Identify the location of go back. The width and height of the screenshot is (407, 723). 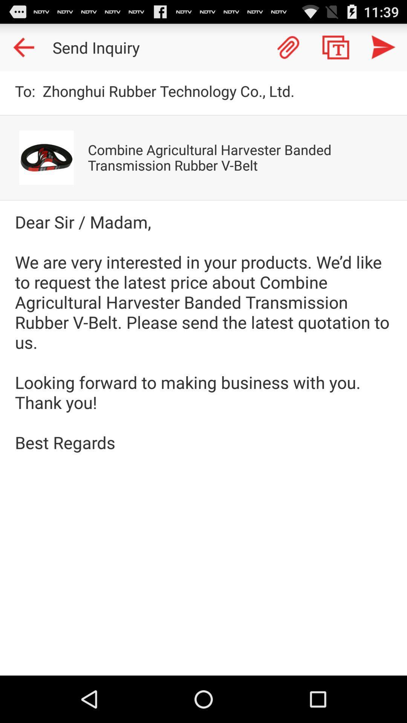
(23, 47).